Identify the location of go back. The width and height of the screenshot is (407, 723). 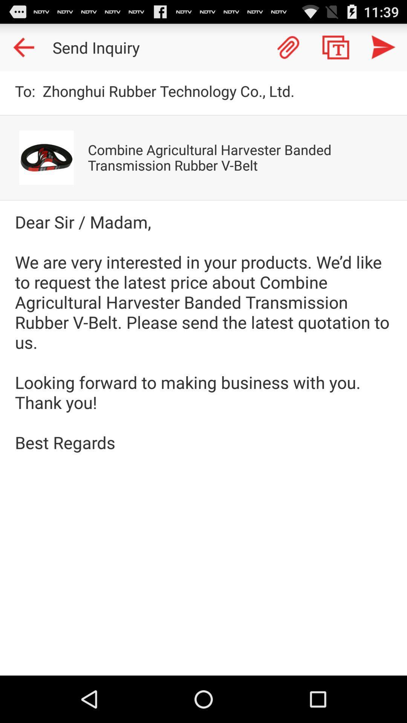
(23, 47).